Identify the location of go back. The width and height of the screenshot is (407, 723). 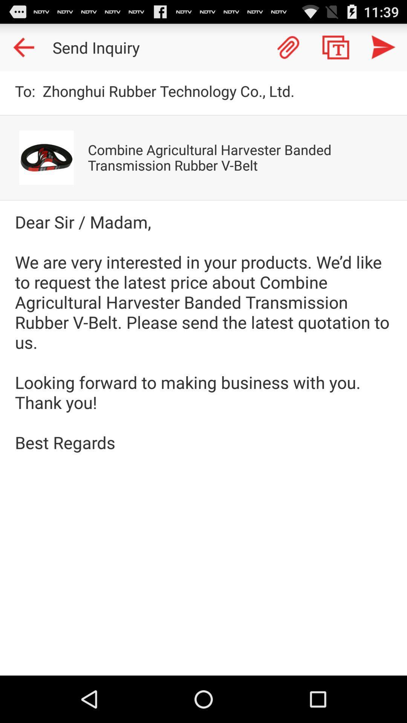
(23, 47).